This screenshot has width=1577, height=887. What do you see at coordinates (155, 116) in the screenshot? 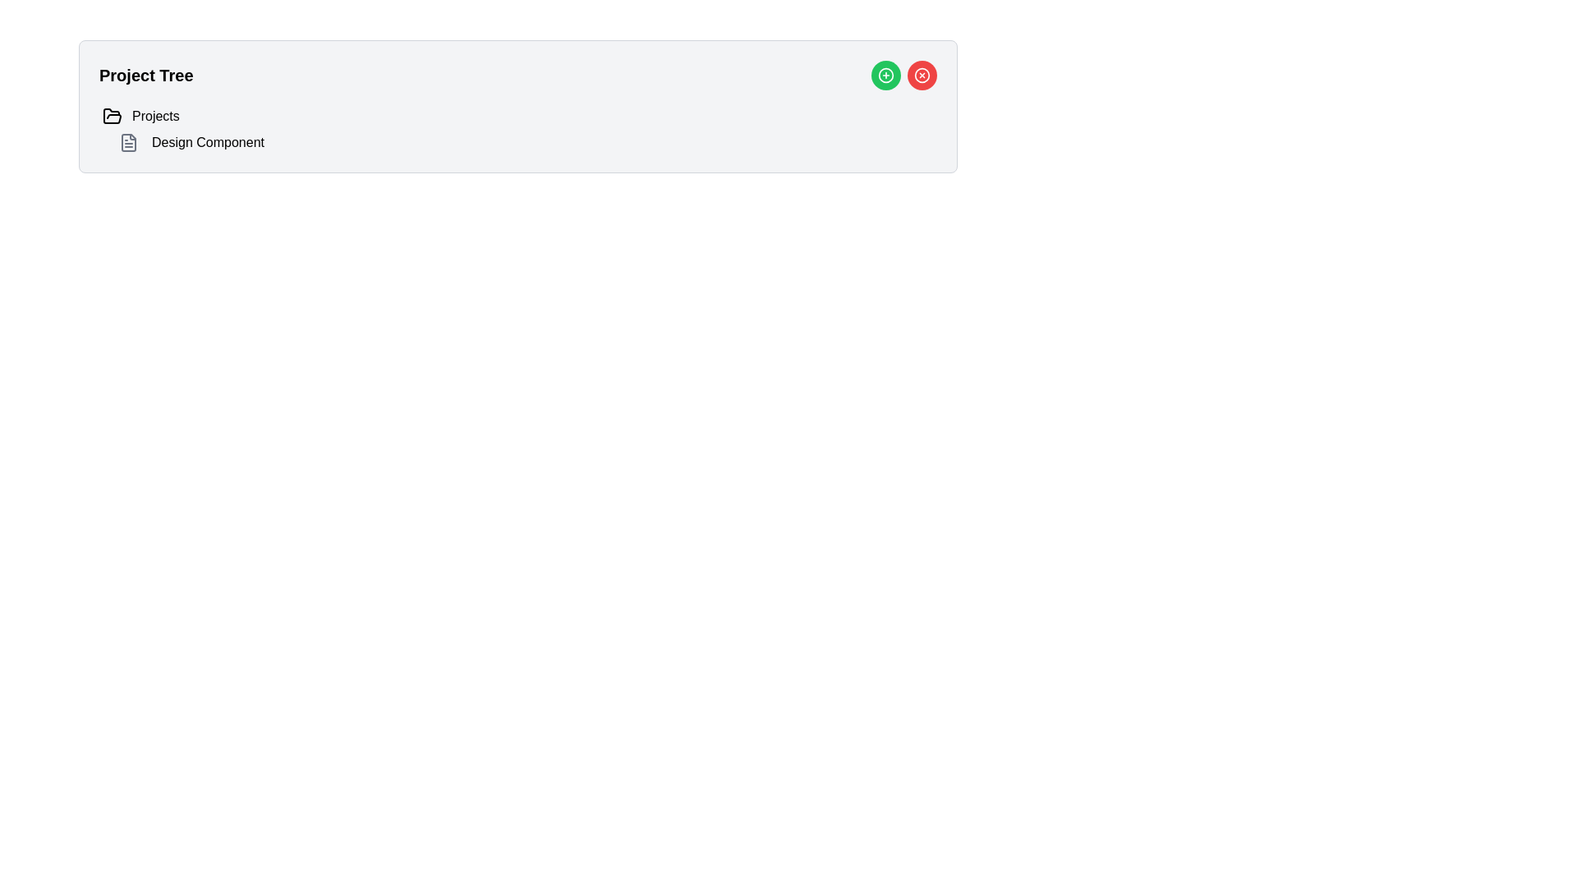
I see `the 'Projects' Text Label, which is located next to a folder icon in the project tree structure` at bounding box center [155, 116].